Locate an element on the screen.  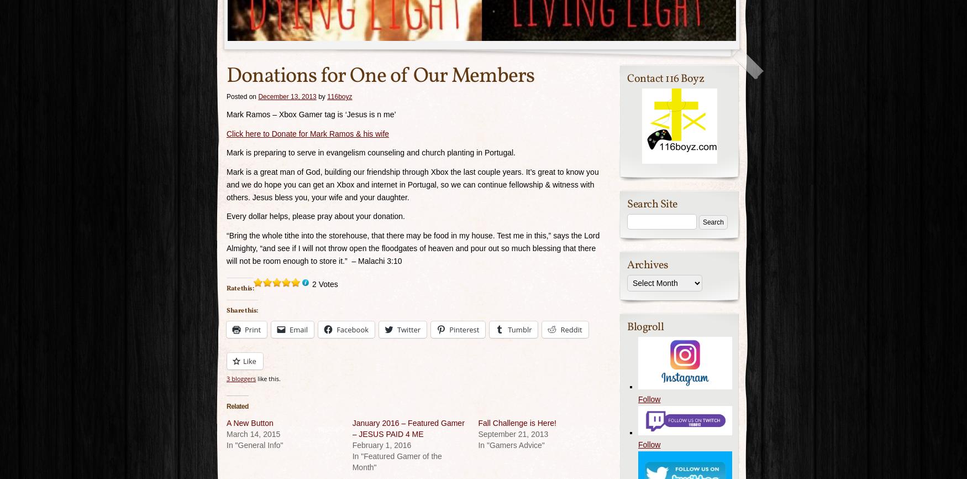
'Twitter' is located at coordinates (409, 329).